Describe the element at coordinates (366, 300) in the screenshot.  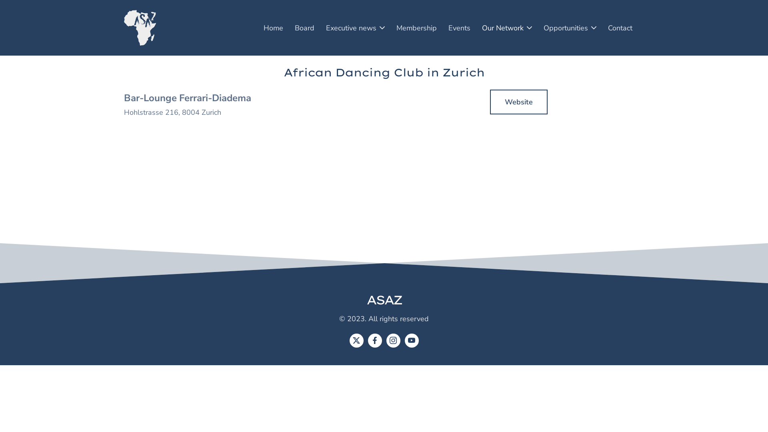
I see `'ASAZ'` at that location.